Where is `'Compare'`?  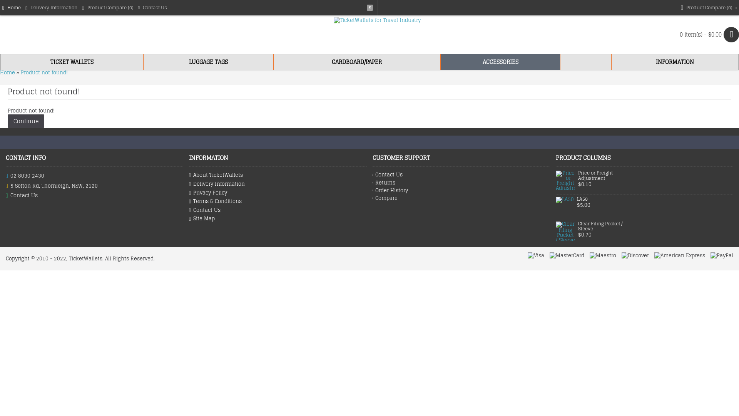 'Compare' is located at coordinates (373, 198).